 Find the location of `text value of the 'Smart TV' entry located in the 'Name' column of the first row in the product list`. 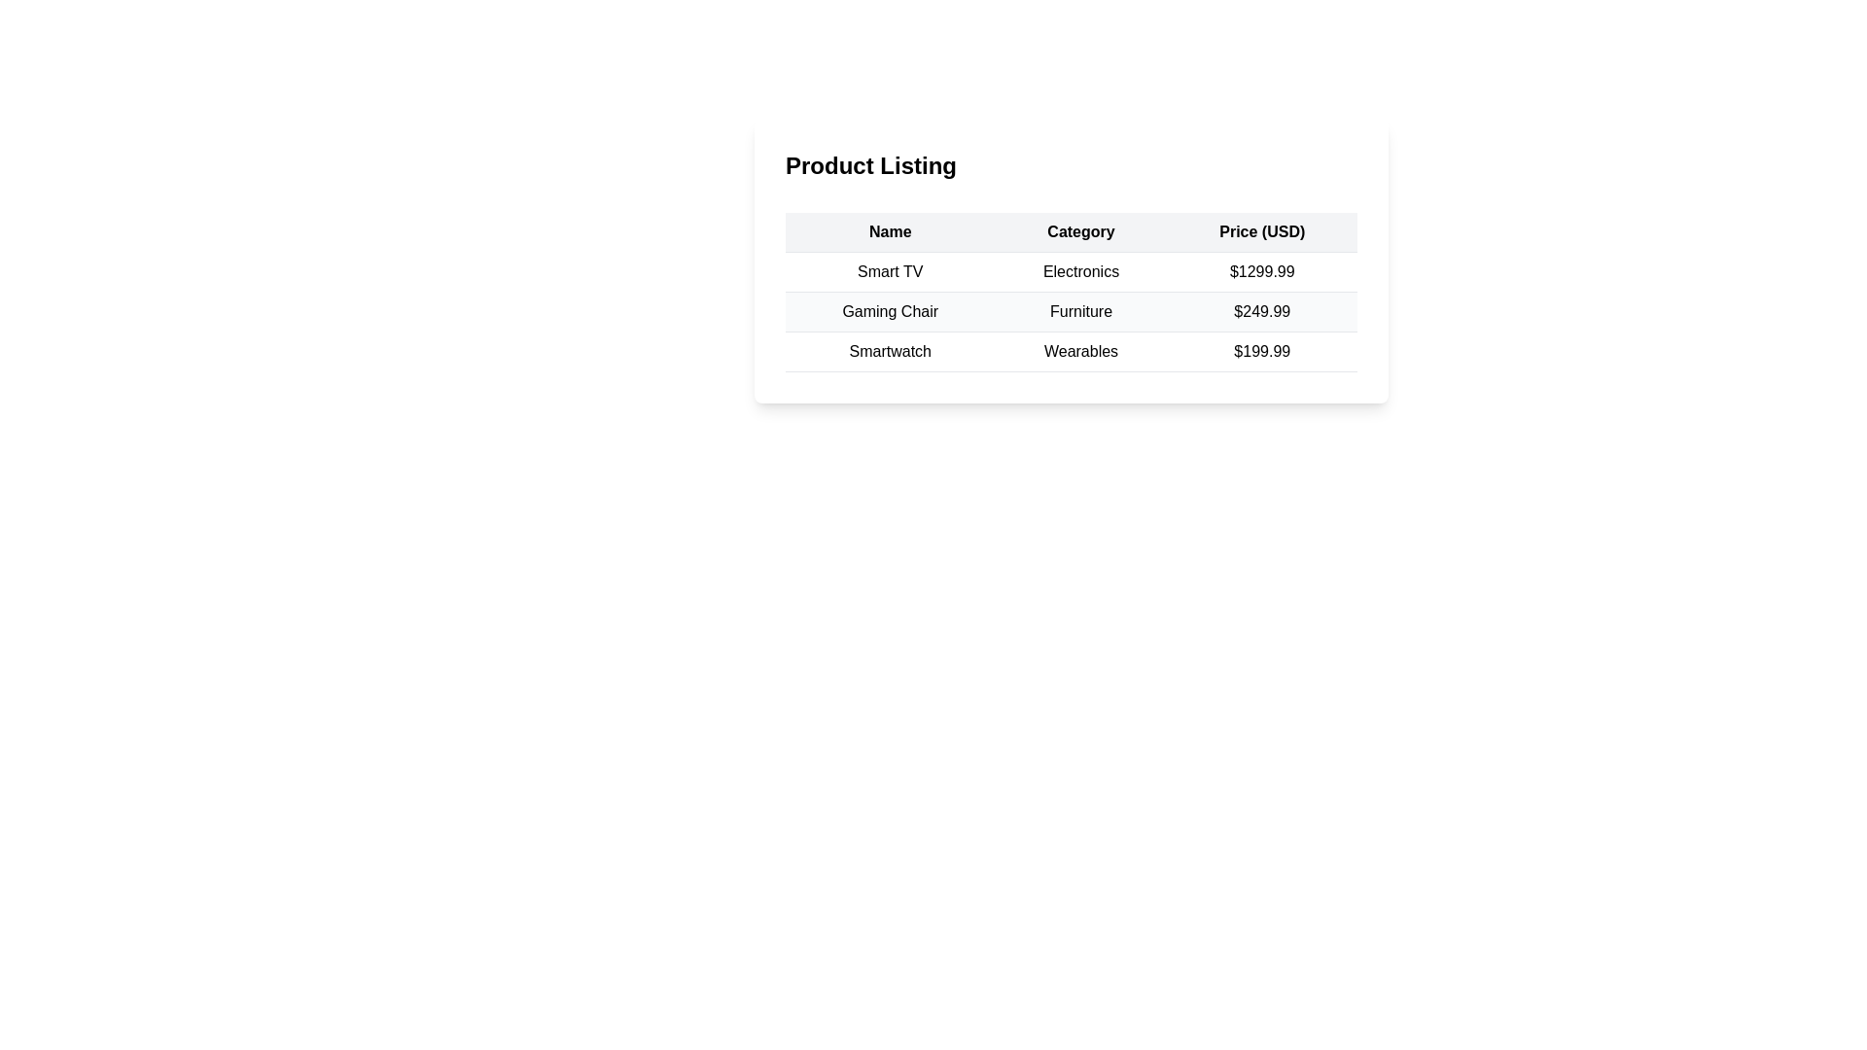

text value of the 'Smart TV' entry located in the 'Name' column of the first row in the product list is located at coordinates (889, 272).